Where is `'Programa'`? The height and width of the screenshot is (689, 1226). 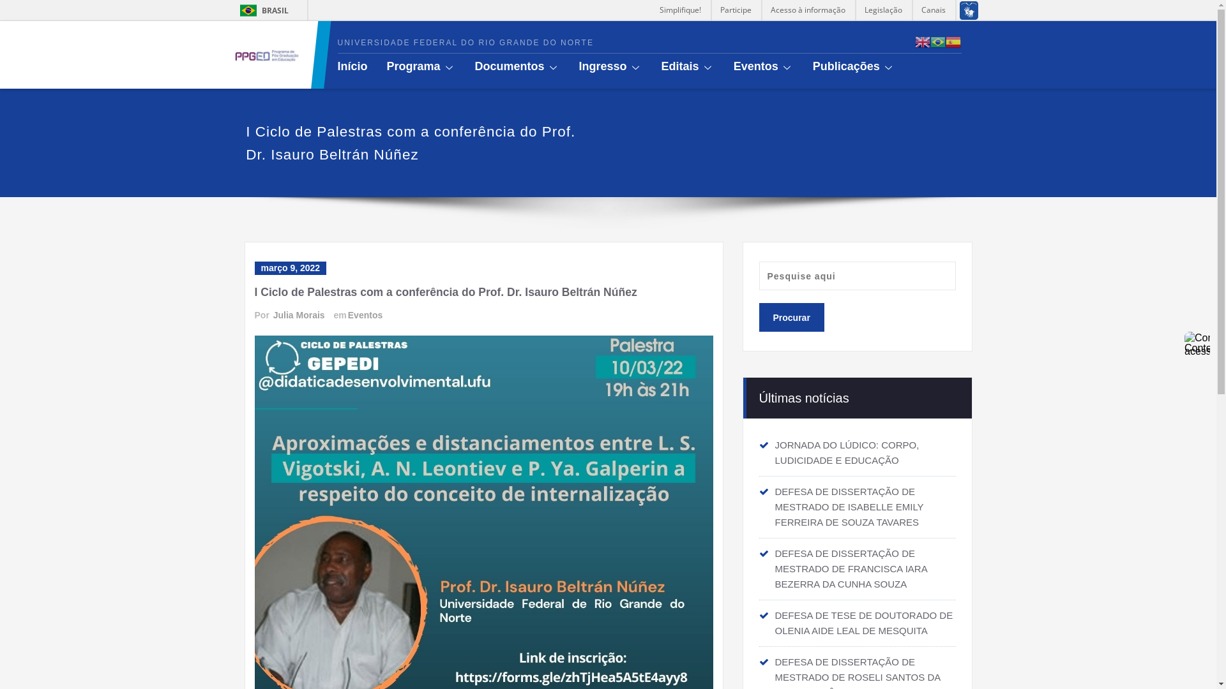
'Programa' is located at coordinates (431, 66).